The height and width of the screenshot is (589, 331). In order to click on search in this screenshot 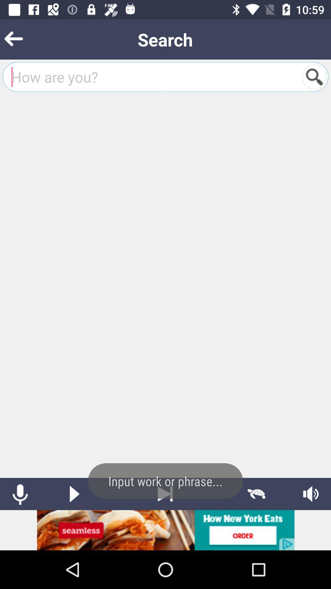, I will do `click(314, 76)`.